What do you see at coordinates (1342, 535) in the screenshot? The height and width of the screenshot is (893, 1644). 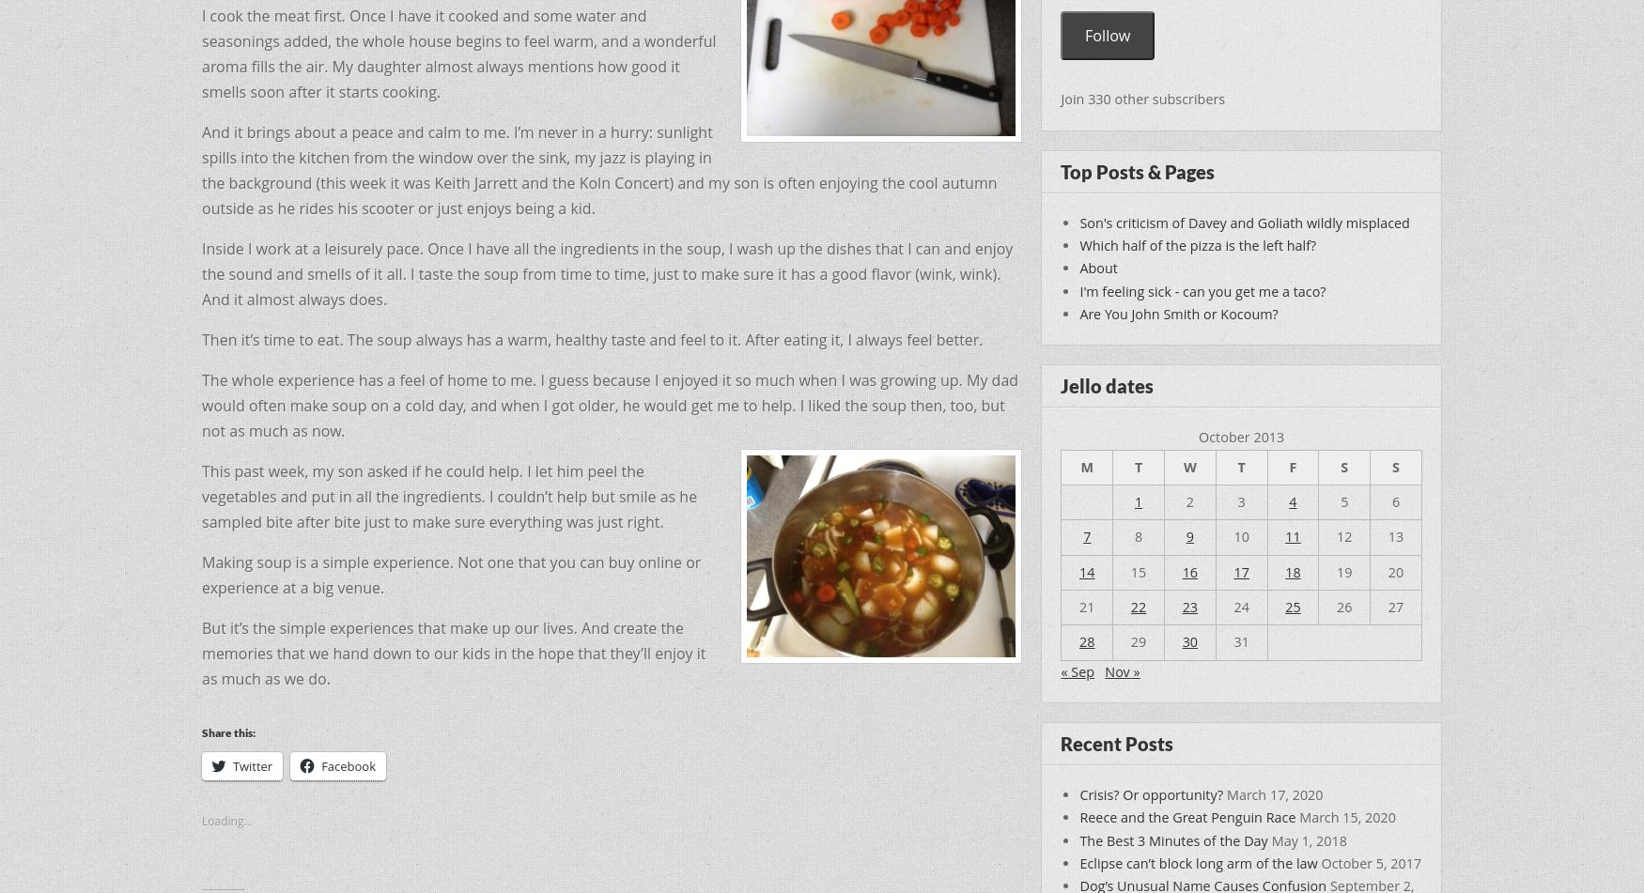 I see `'12'` at bounding box center [1342, 535].